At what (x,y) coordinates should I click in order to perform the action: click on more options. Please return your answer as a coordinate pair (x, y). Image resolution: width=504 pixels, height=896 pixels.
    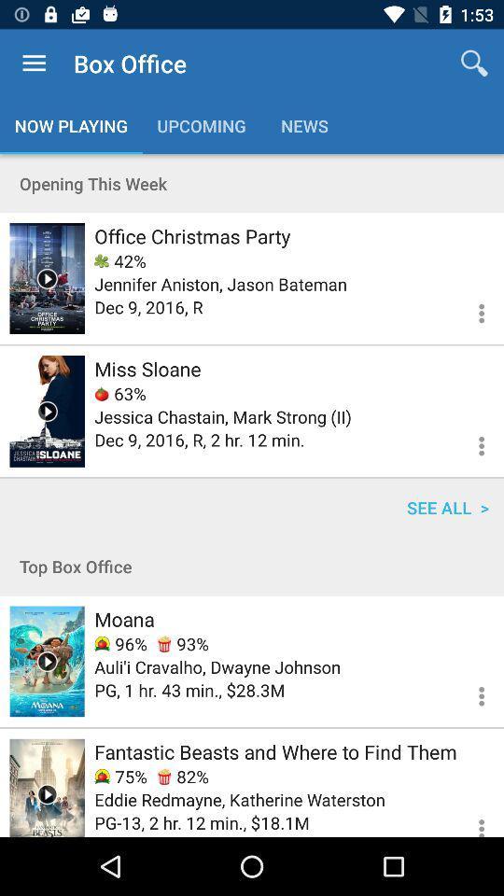
    Looking at the image, I should click on (469, 819).